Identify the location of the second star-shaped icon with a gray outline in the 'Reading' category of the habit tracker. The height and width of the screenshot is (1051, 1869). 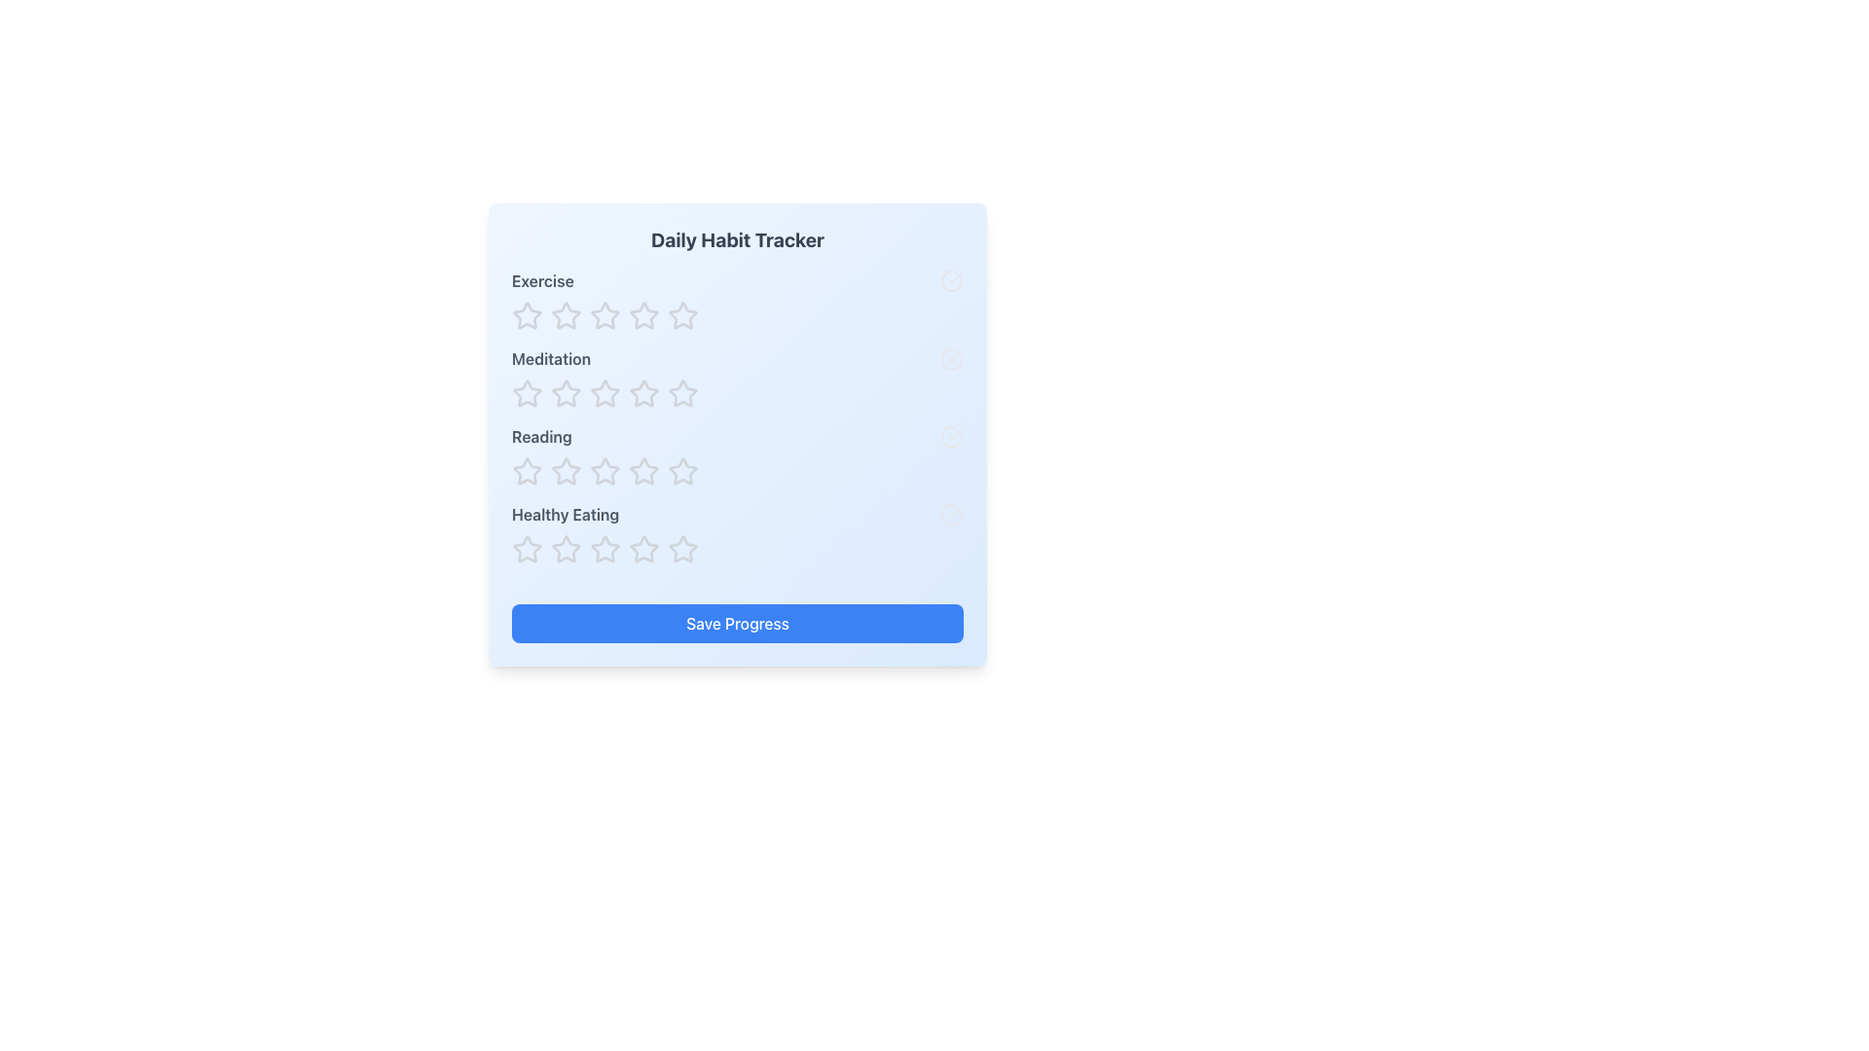
(565, 471).